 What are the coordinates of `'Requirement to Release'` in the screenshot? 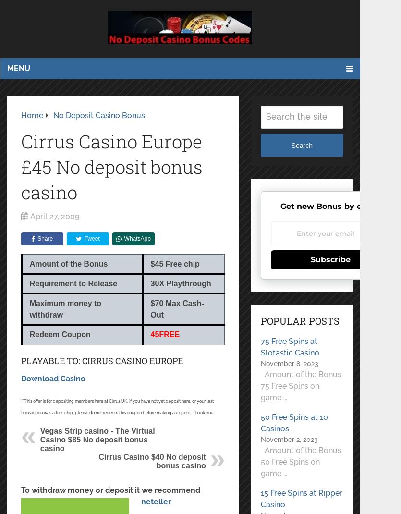 It's located at (73, 283).